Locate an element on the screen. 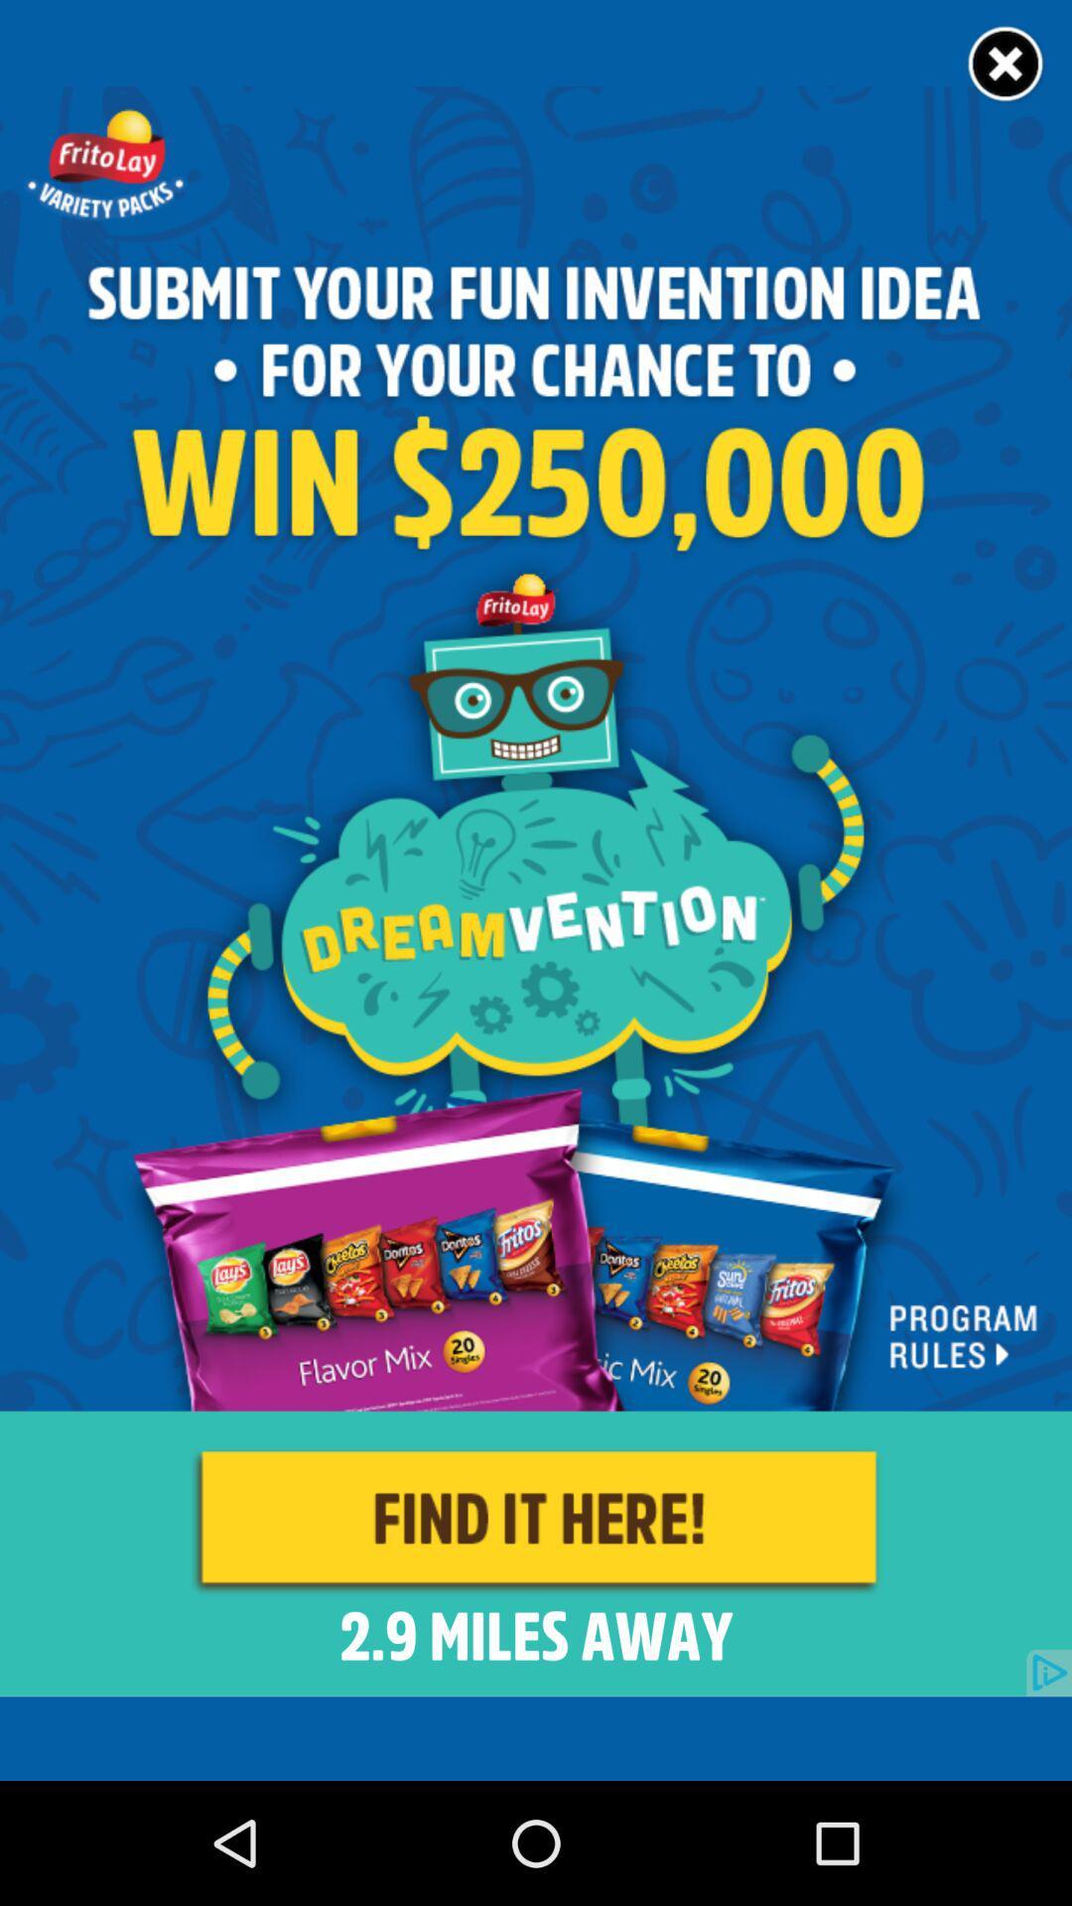 Image resolution: width=1072 pixels, height=1906 pixels. the close icon is located at coordinates (1006, 69).